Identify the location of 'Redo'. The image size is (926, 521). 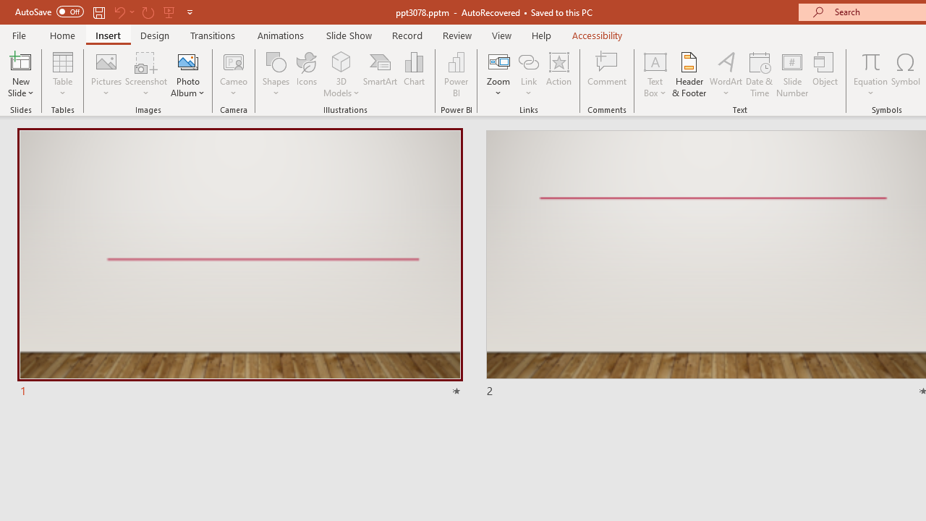
(148, 12).